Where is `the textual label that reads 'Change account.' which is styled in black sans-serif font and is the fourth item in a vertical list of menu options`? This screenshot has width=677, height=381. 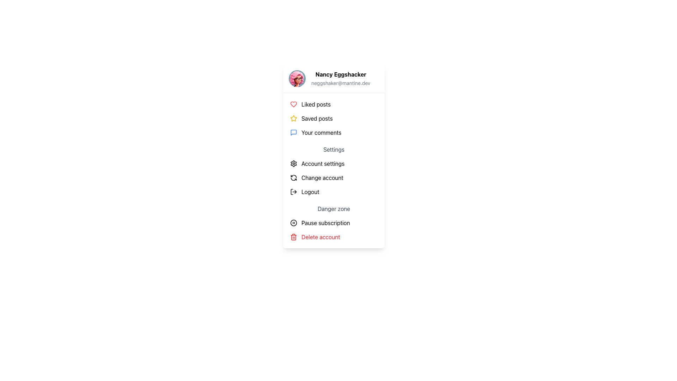 the textual label that reads 'Change account.' which is styled in black sans-serif font and is the fourth item in a vertical list of menu options is located at coordinates (322, 177).